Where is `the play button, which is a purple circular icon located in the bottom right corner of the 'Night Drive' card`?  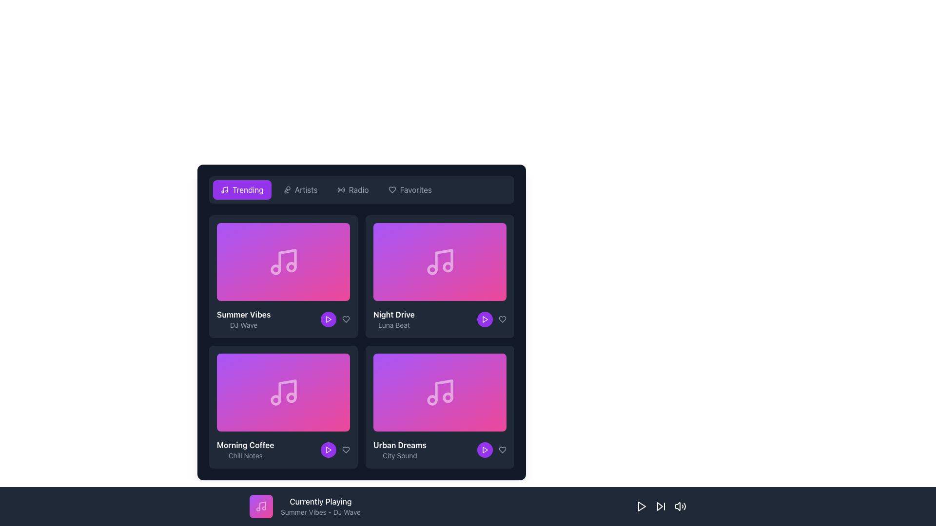 the play button, which is a purple circular icon located in the bottom right corner of the 'Night Drive' card is located at coordinates (485, 319).